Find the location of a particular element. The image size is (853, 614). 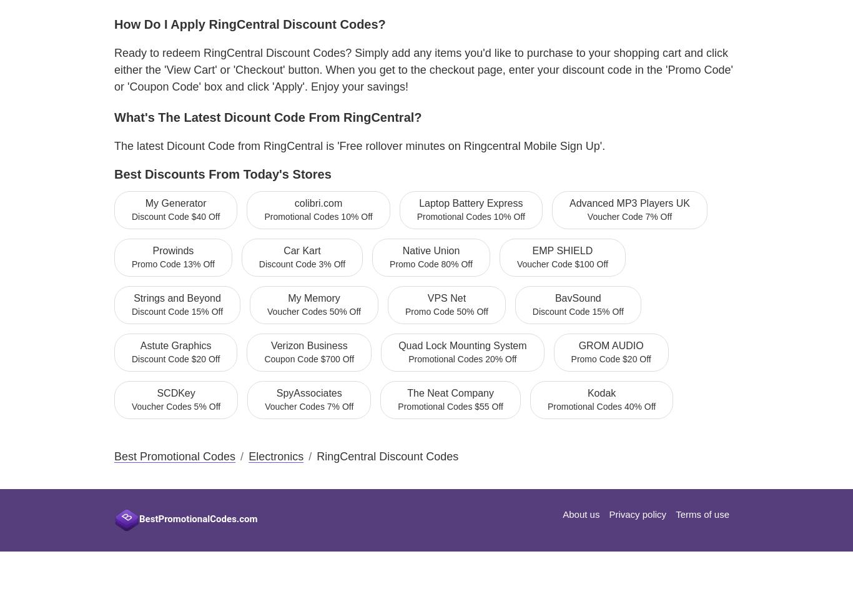

'How do I apply RingCentral Discount Codes?' is located at coordinates (249, 23).